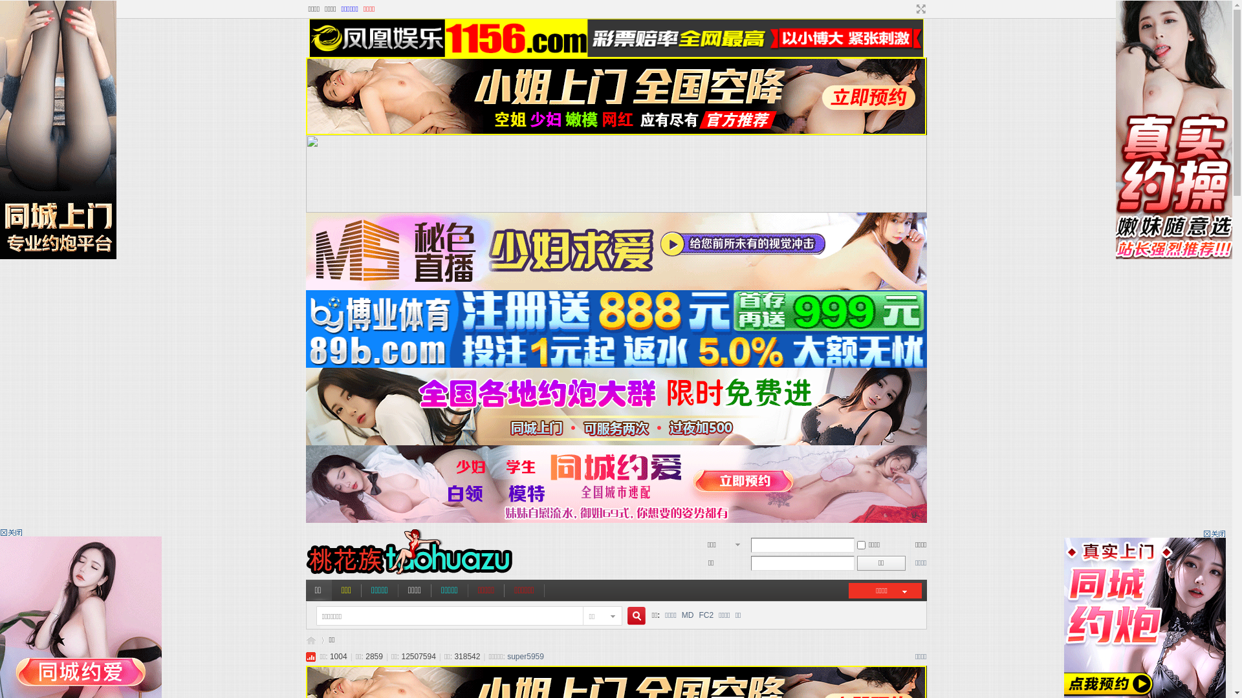 The width and height of the screenshot is (1242, 698). Describe the element at coordinates (681, 615) in the screenshot. I see `'MD'` at that location.